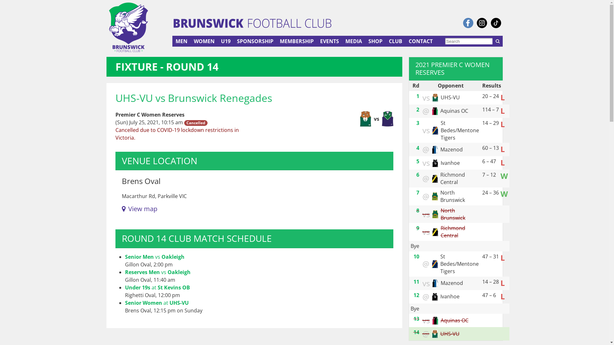  Describe the element at coordinates (418, 175) in the screenshot. I see `'6'` at that location.